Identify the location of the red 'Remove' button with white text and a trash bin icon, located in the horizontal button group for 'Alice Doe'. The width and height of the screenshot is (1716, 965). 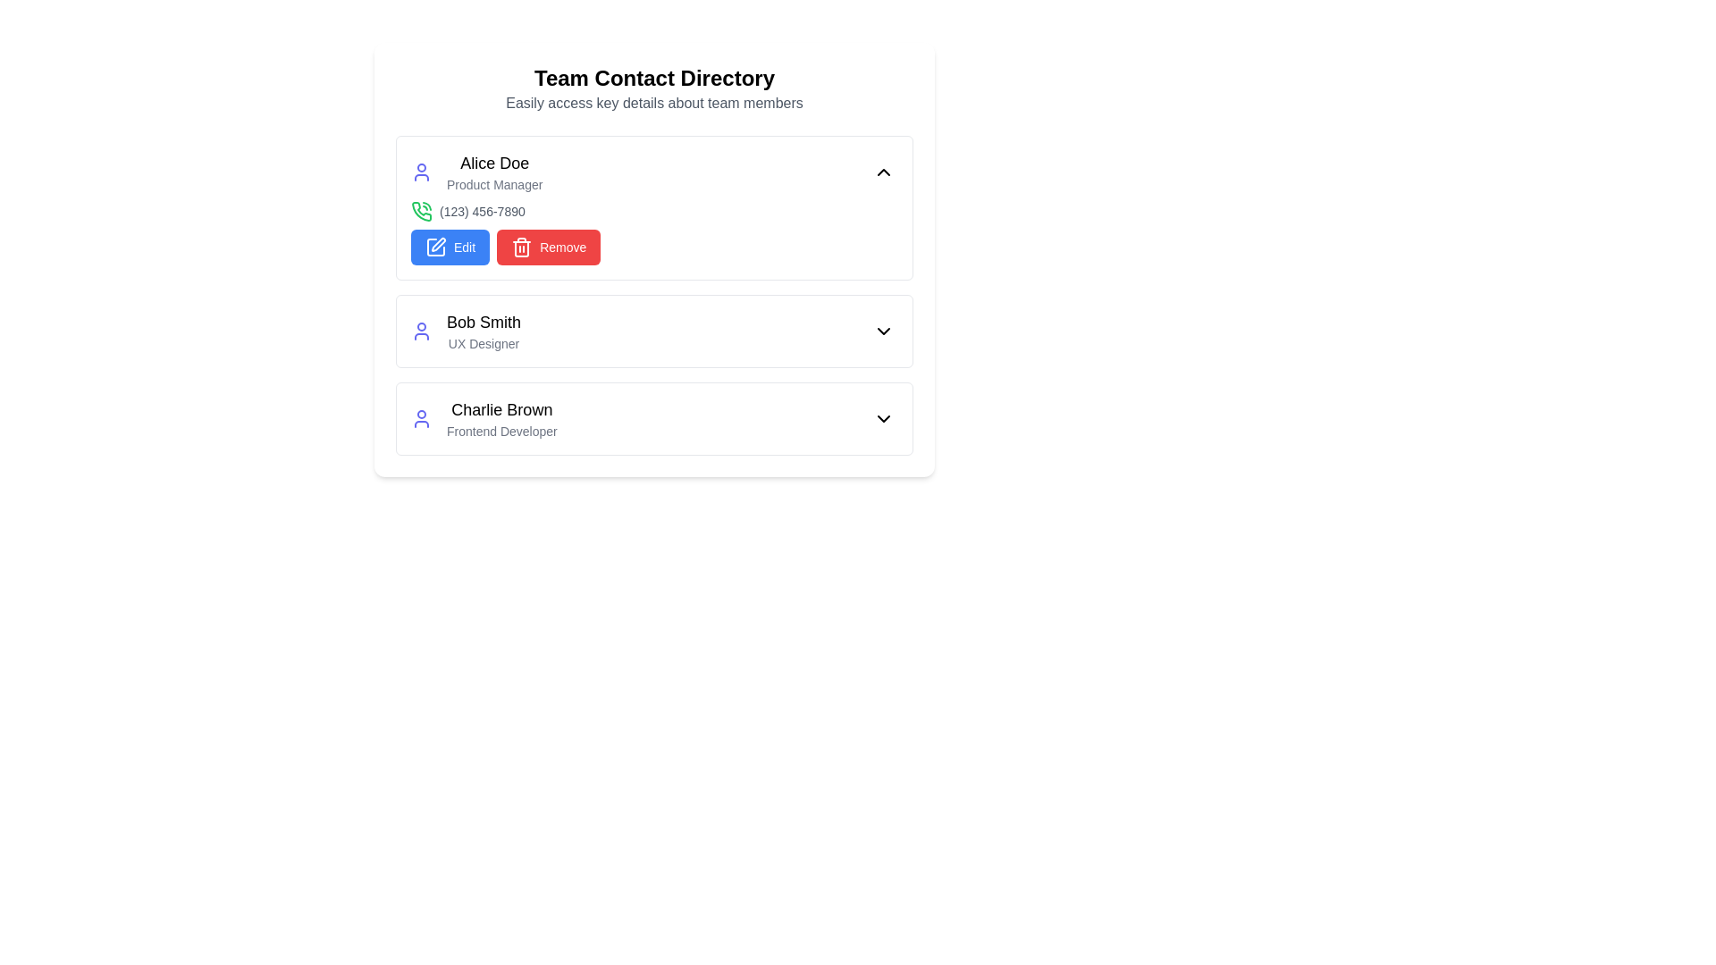
(548, 248).